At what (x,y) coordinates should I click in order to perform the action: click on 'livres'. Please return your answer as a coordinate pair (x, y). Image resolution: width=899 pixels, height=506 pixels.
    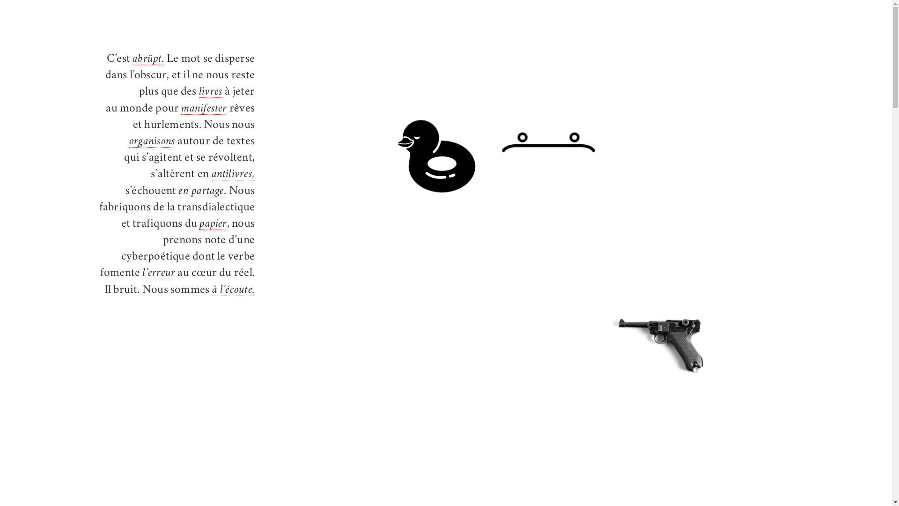
    Looking at the image, I should click on (199, 92).